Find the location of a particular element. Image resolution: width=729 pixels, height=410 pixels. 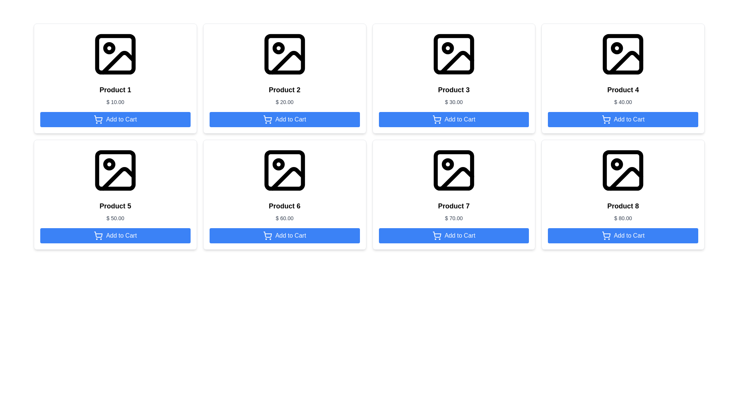

the SVG rectangle that serves as a decorative image placeholder in the 'Product 8' card is located at coordinates (623, 170).